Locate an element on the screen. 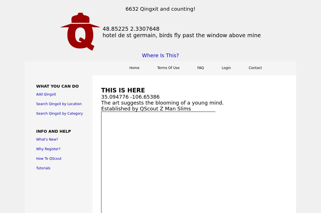 This screenshot has height=213, width=321. 'What You Can Do' is located at coordinates (57, 86).